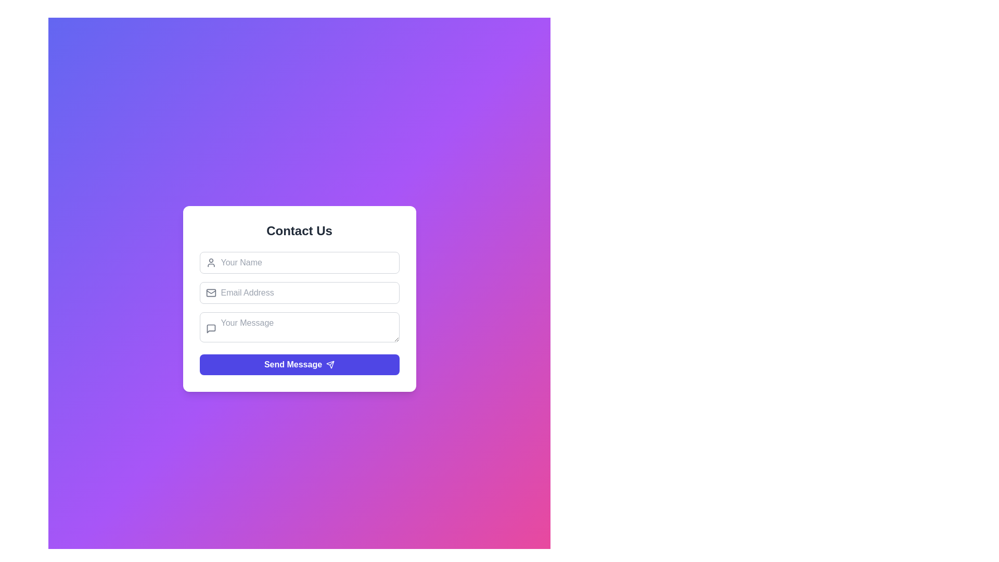  Describe the element at coordinates (330, 364) in the screenshot. I see `the decorative vector graphic icon located in the bottom-right corner of the 'Send Message' button` at that location.